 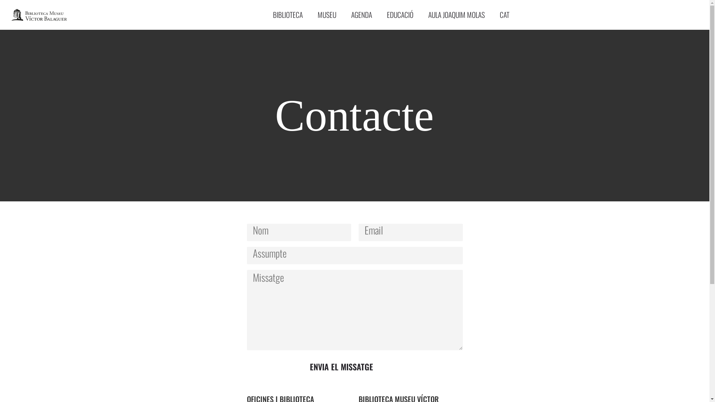 What do you see at coordinates (327, 15) in the screenshot?
I see `'MUSEU'` at bounding box center [327, 15].